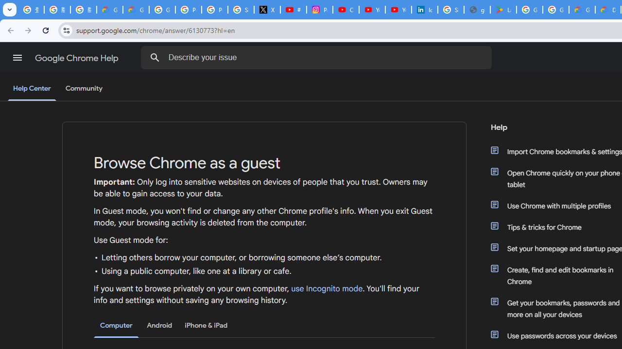 This screenshot has width=622, height=349. I want to click on 'Search Help Center', so click(154, 57).